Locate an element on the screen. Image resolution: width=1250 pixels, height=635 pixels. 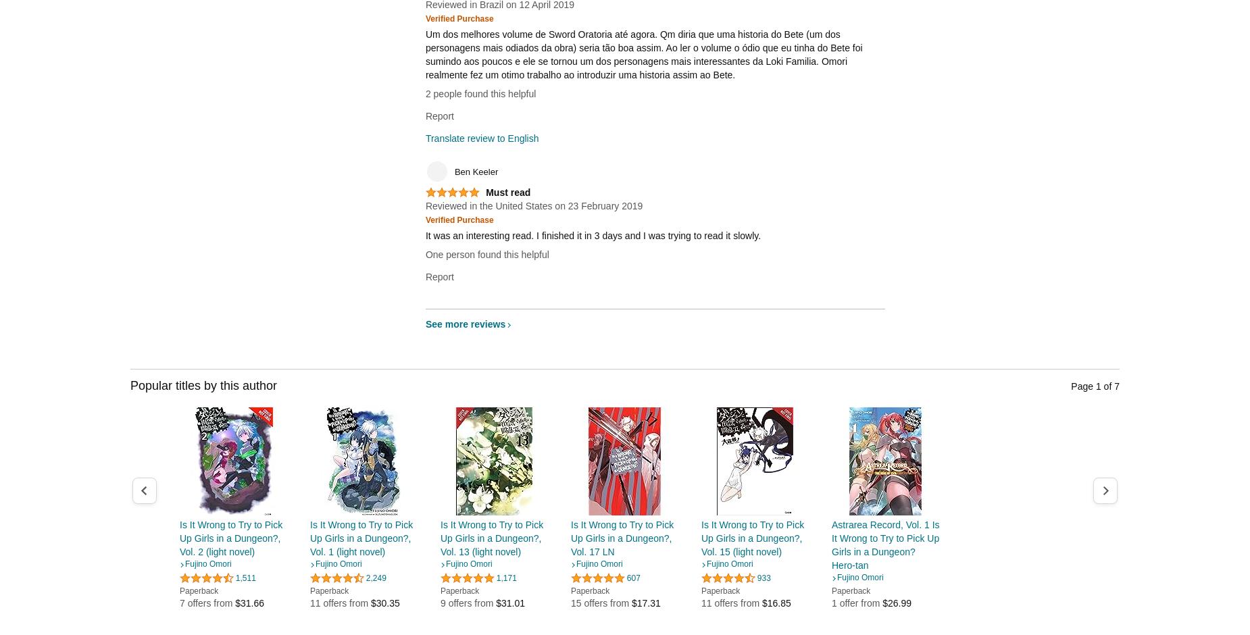
'Reviewed in the United States on 23 February 2019' is located at coordinates (533, 205).